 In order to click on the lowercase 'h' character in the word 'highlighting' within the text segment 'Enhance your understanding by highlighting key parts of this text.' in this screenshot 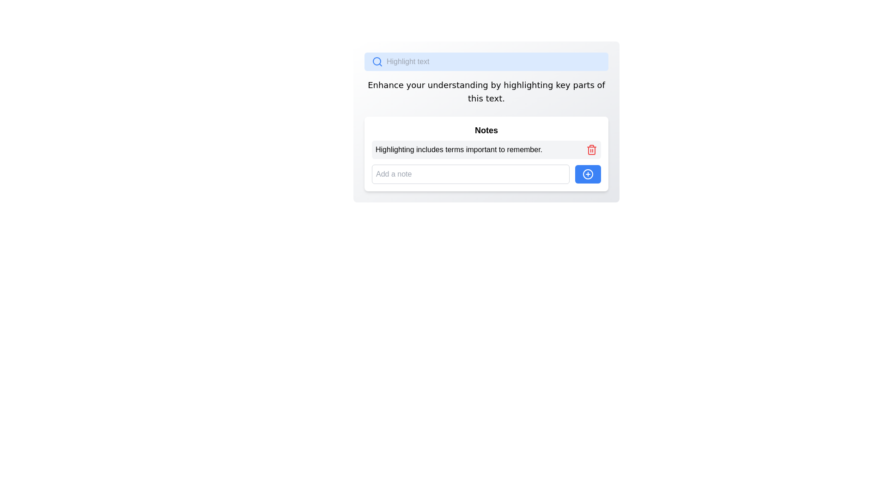, I will do `click(534, 85)`.